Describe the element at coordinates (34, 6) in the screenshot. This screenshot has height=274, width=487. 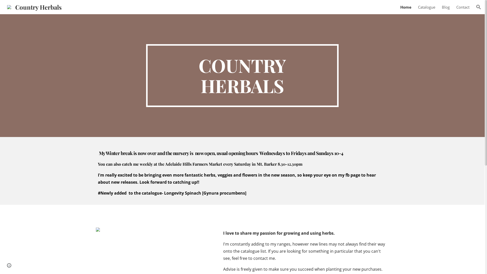
I see `'Country Herbals'` at that location.